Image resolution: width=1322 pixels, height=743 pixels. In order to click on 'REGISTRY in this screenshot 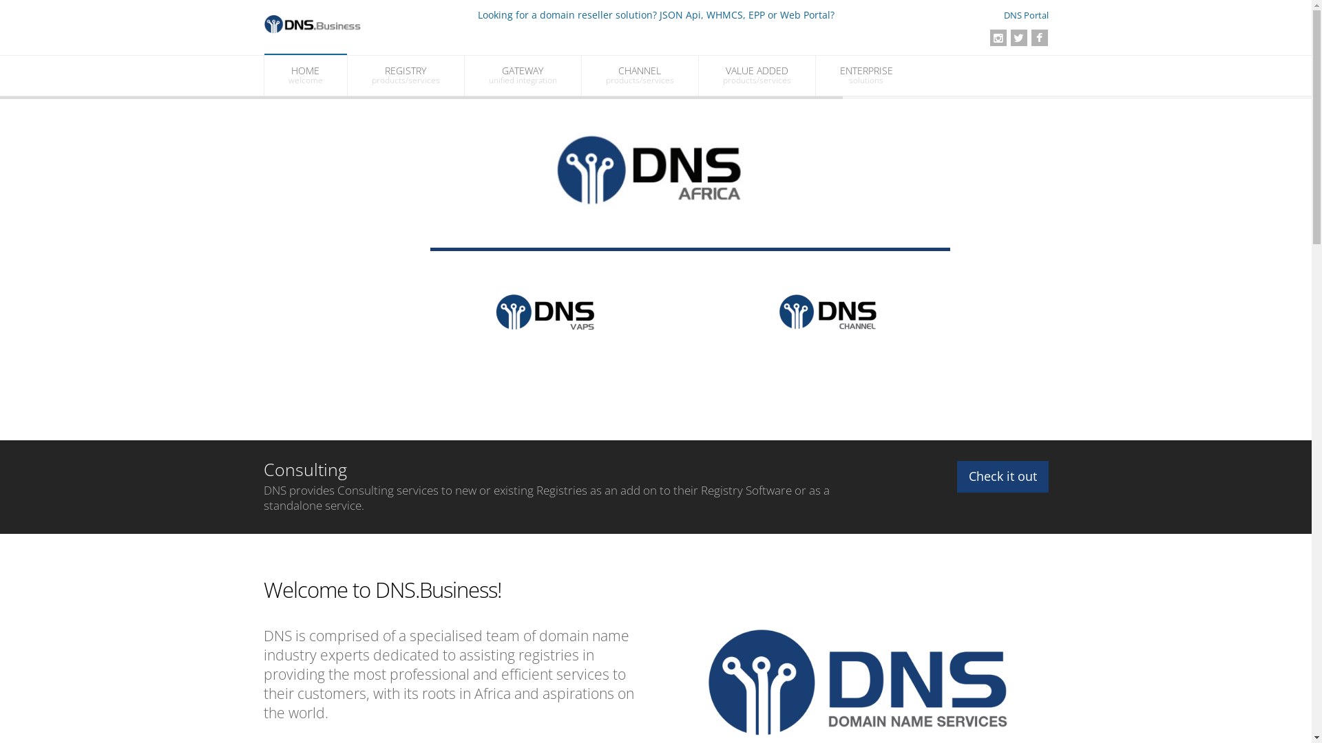, I will do `click(404, 76)`.